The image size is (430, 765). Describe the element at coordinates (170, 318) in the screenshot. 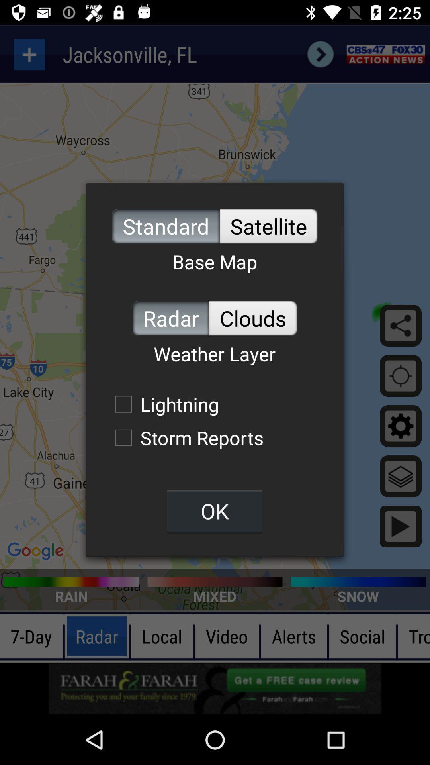

I see `radar` at that location.